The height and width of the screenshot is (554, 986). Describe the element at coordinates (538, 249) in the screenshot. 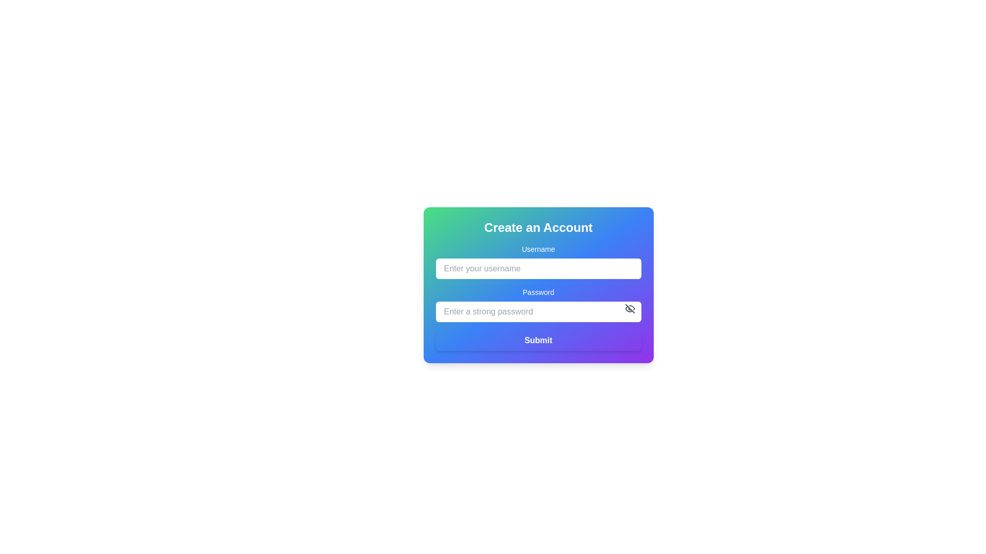

I see `the Text label that indicates the purpose of the text input field for 'Enter your username', positioned at the top of the form section` at that location.